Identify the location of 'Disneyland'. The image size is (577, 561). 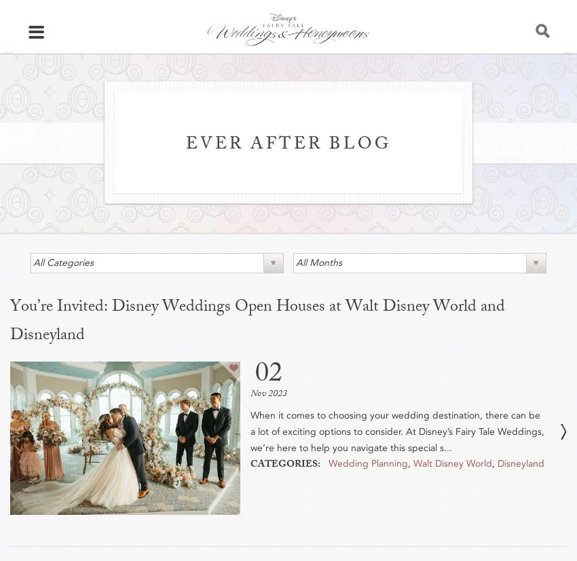
(498, 462).